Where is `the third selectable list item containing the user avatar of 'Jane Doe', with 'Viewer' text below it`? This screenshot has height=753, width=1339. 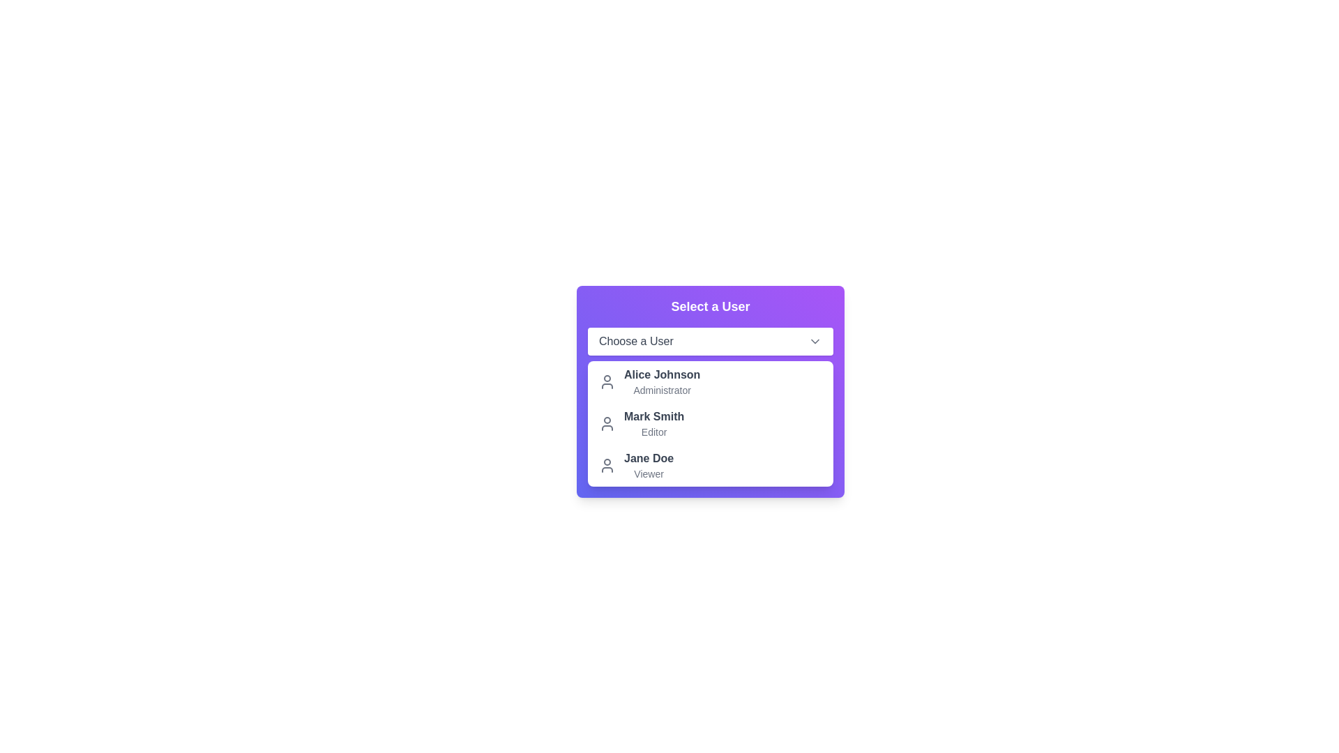
the third selectable list item containing the user avatar of 'Jane Doe', with 'Viewer' text below it is located at coordinates (635, 465).